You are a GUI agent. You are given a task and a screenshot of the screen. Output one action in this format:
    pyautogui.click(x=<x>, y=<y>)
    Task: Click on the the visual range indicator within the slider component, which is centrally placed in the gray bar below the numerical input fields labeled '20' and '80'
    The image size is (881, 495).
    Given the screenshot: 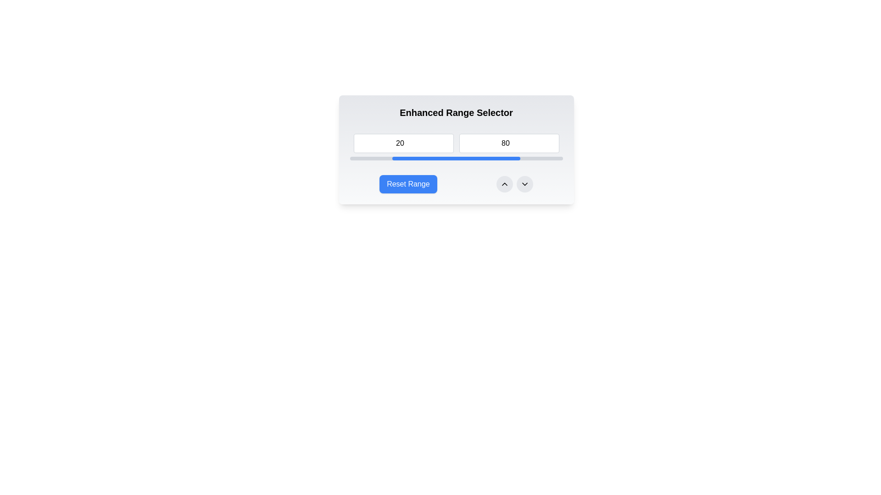 What is the action you would take?
    pyautogui.click(x=456, y=158)
    